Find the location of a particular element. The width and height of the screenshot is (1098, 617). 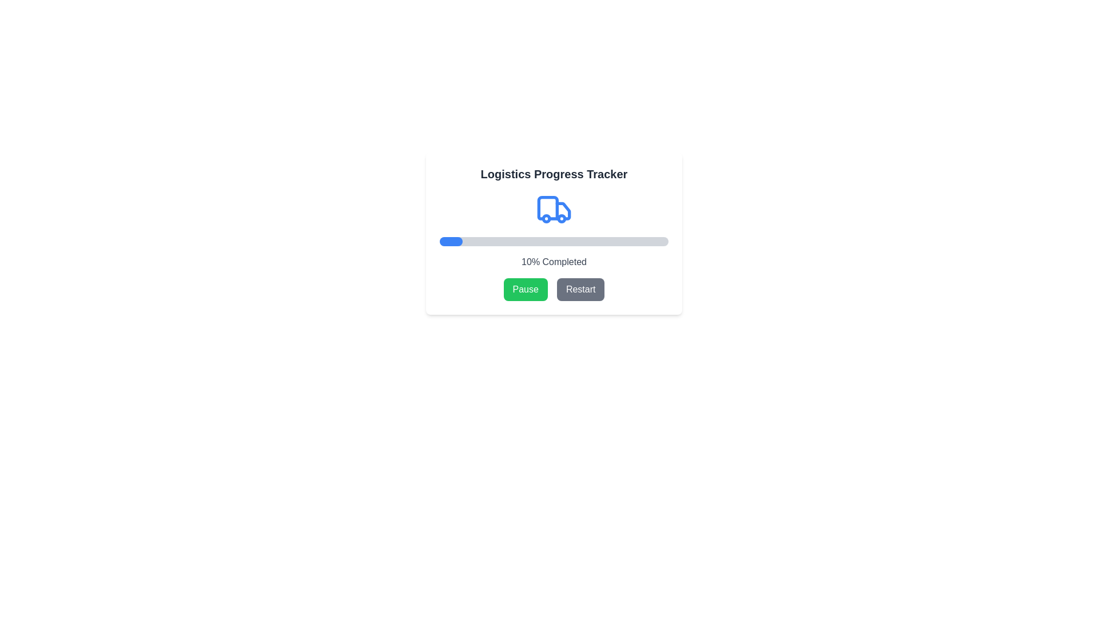

the 'Restart' button, which is a rectangular button with rounded corners, gray background, and white text located in the bottom section of the layout, second in a horizontal group of two buttons under the progress bar is located at coordinates (580, 289).